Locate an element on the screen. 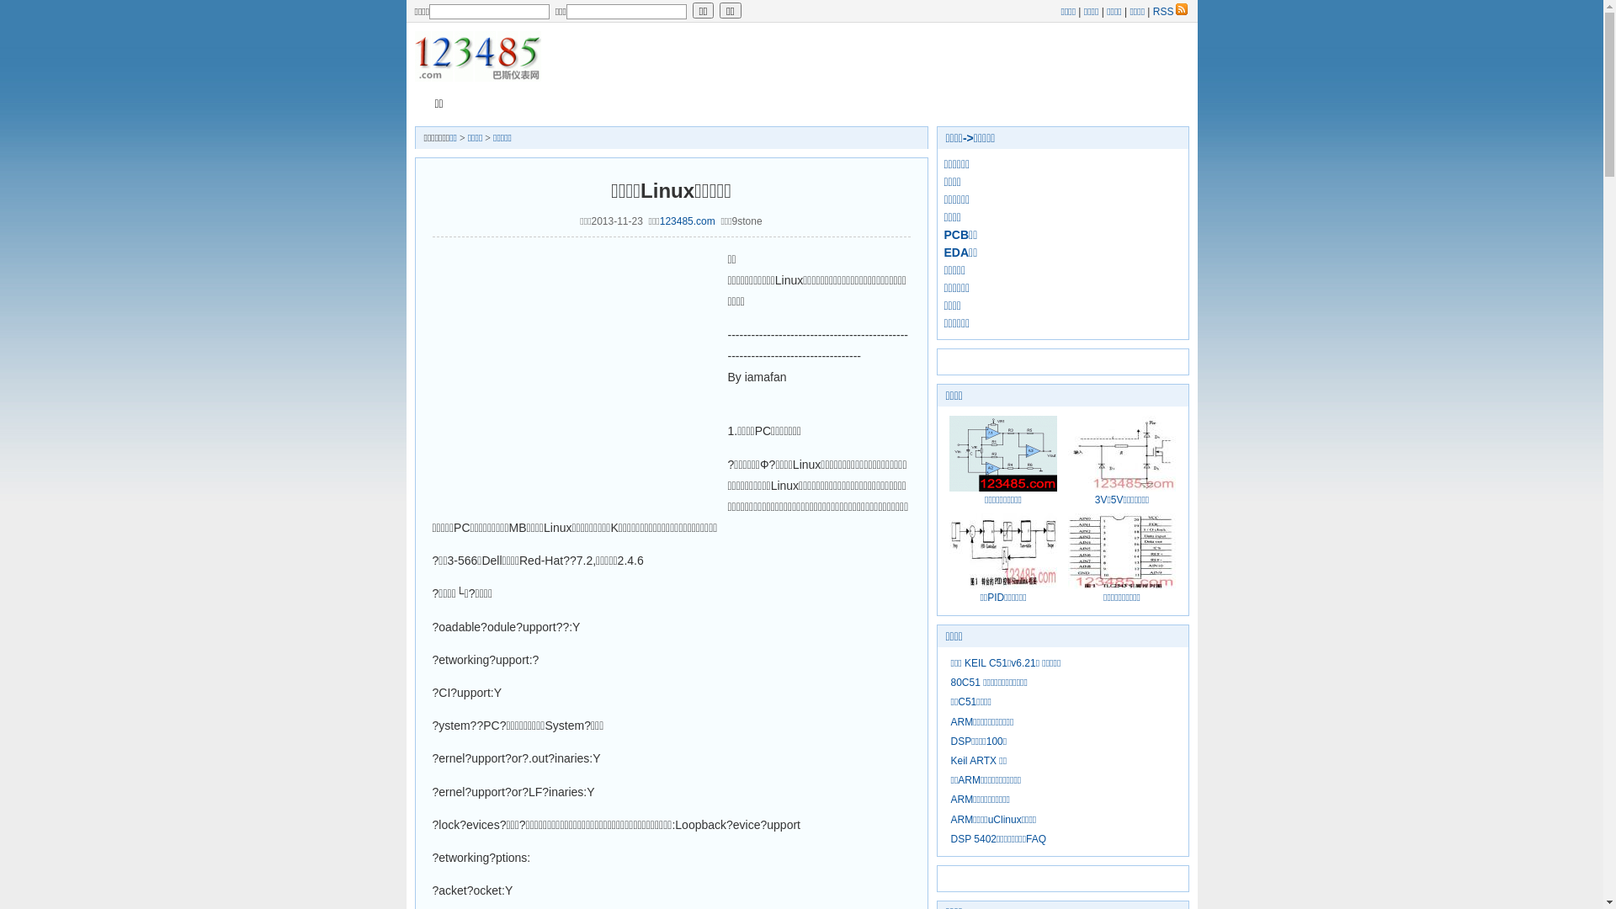 This screenshot has width=1616, height=909. 'RSS' is located at coordinates (1170, 10).